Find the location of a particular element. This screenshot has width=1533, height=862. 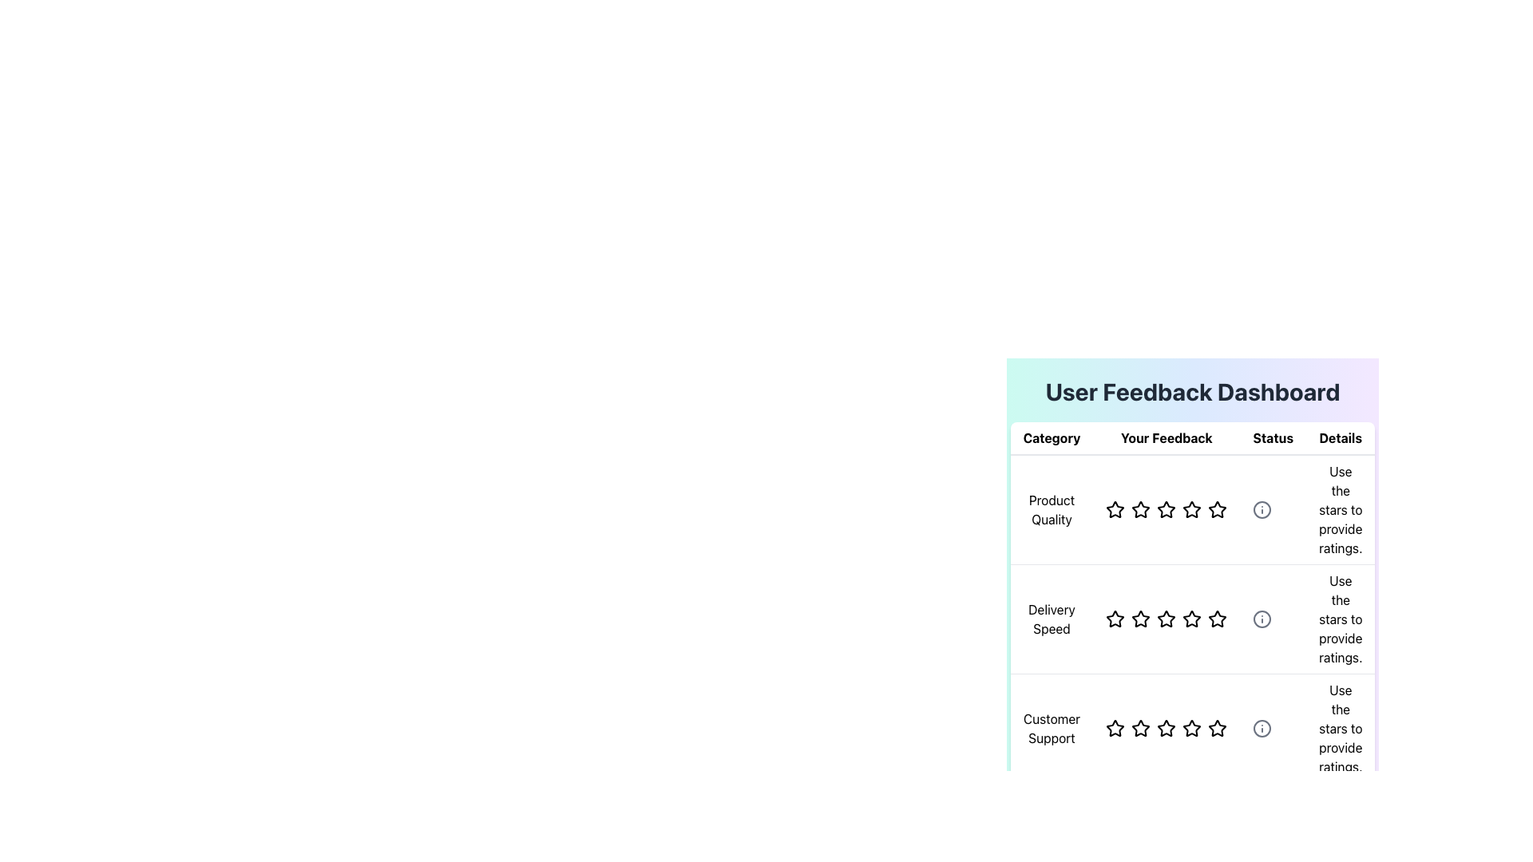

the circular information icon in the 'Details' column of the first row in the 'User Feedback Dashboard' is located at coordinates (1262, 510).